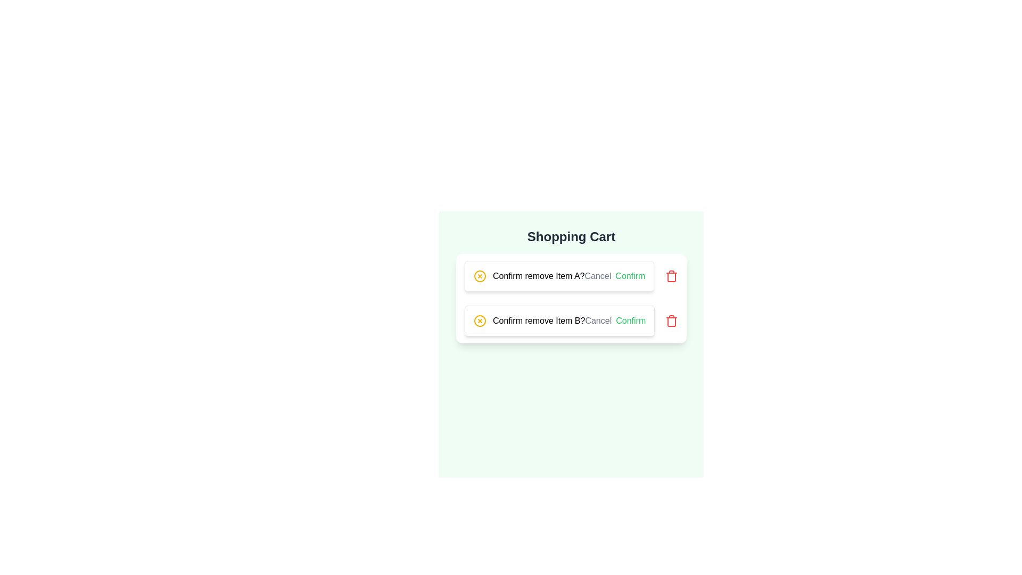 The height and width of the screenshot is (575, 1022). Describe the element at coordinates (539, 276) in the screenshot. I see `the static text element that informs the user about the action they are about to confirm or cancel, centrally aligned in the upper dialog box, positioned between an icon and the 'Cancel' and 'Confirm' buttons` at that location.